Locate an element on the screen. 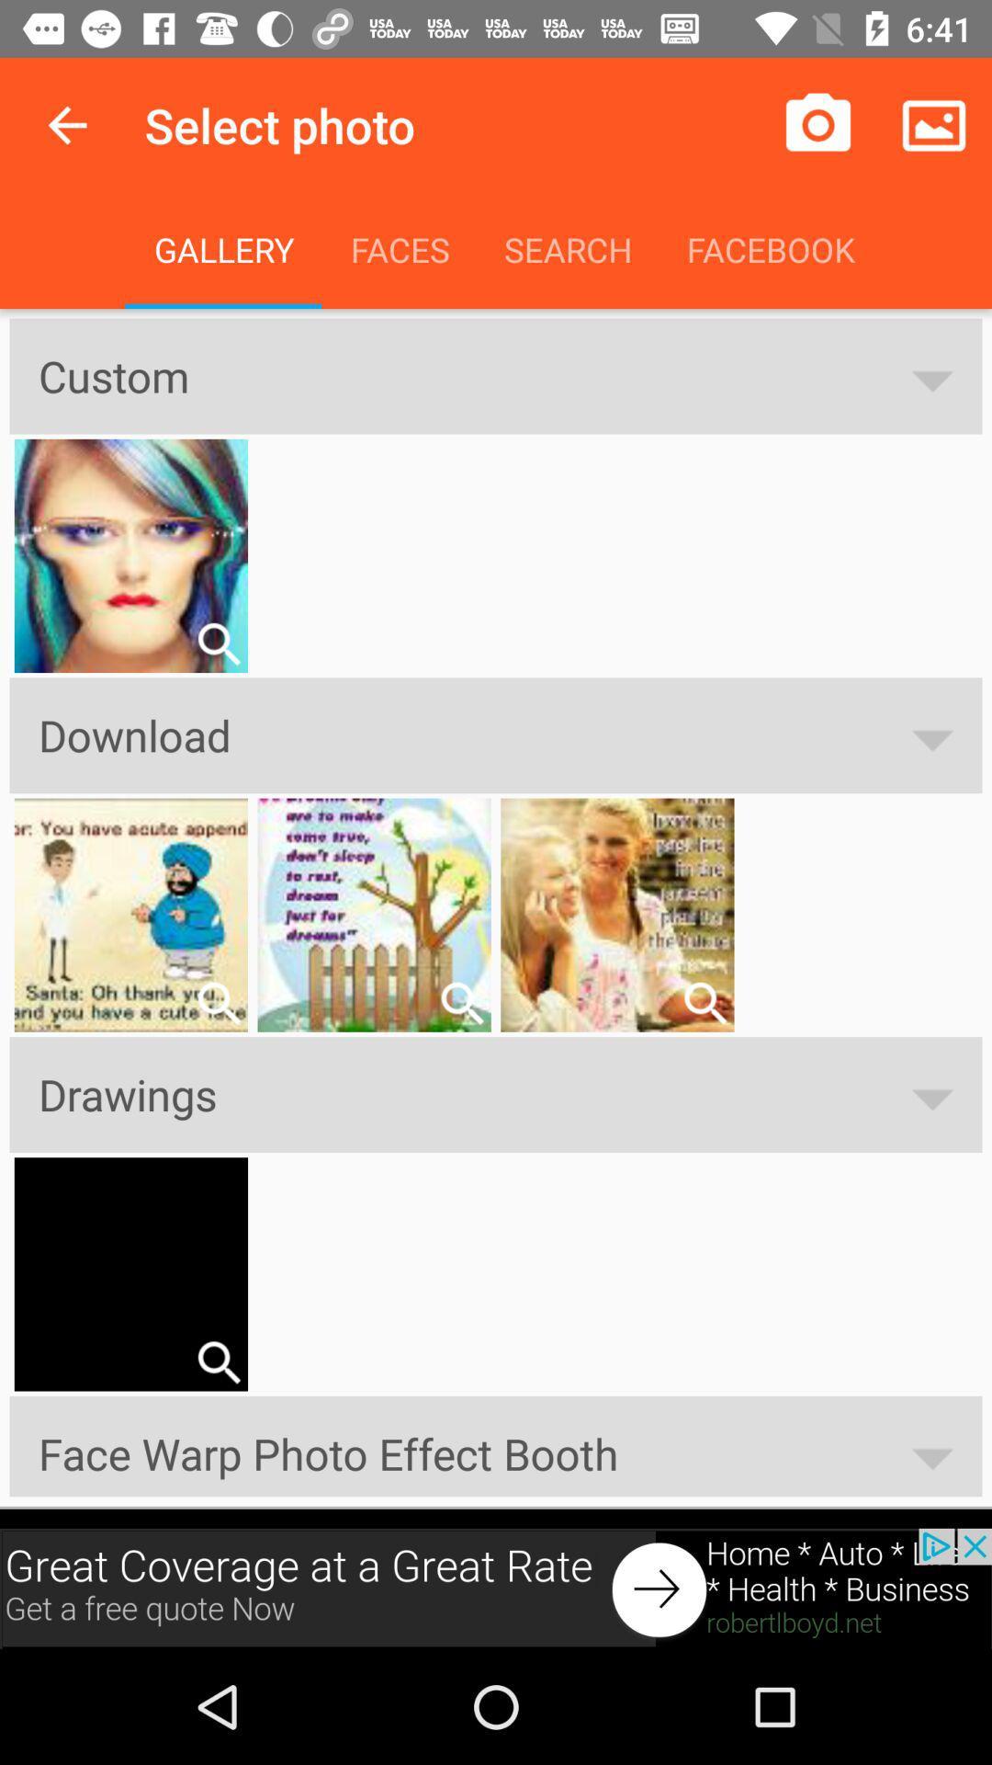 This screenshot has height=1765, width=992. lets you easily change and animate faces in photos is located at coordinates (218, 1002).